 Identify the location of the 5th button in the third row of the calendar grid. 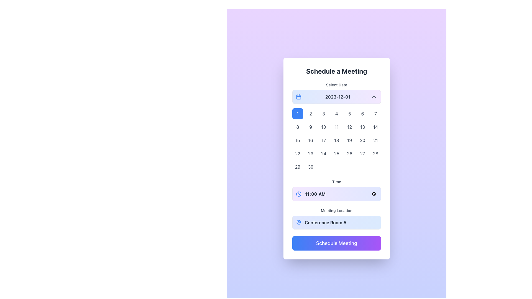
(349, 127).